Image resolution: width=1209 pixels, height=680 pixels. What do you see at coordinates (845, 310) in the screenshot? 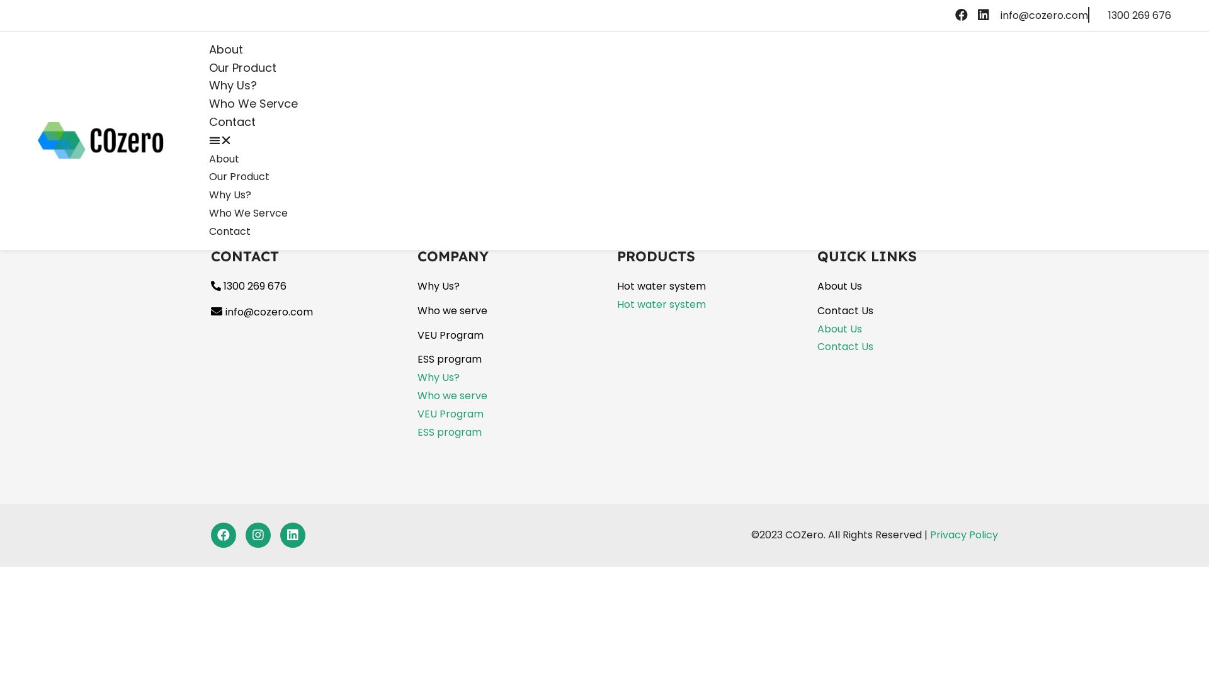
I see `'Contact Us'` at bounding box center [845, 310].